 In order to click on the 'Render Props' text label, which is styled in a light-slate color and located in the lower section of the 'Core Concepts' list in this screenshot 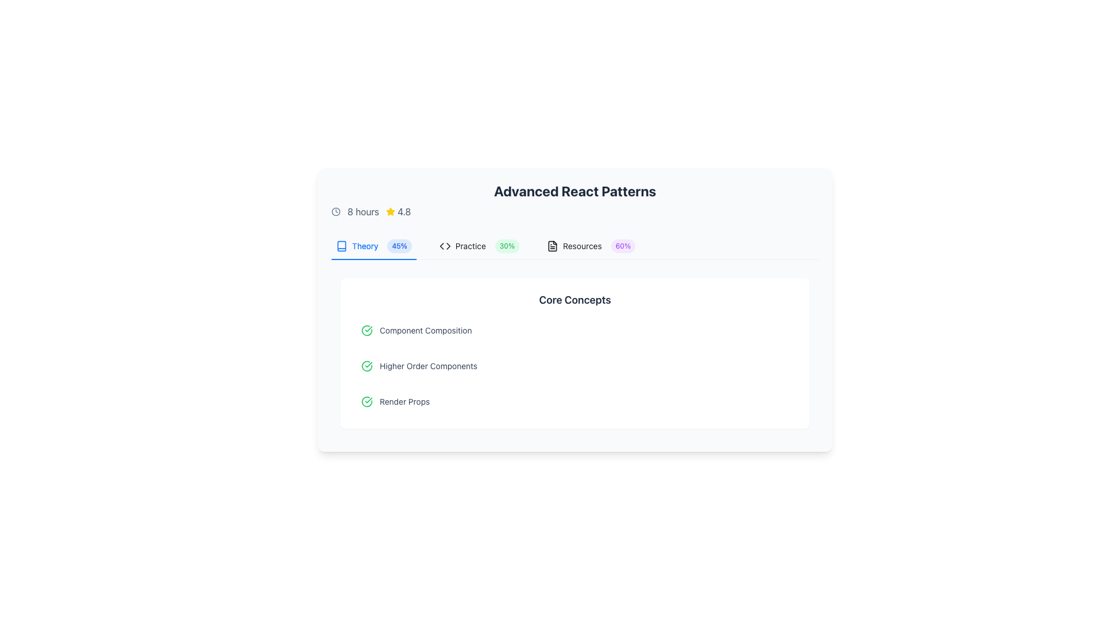, I will do `click(404, 401)`.